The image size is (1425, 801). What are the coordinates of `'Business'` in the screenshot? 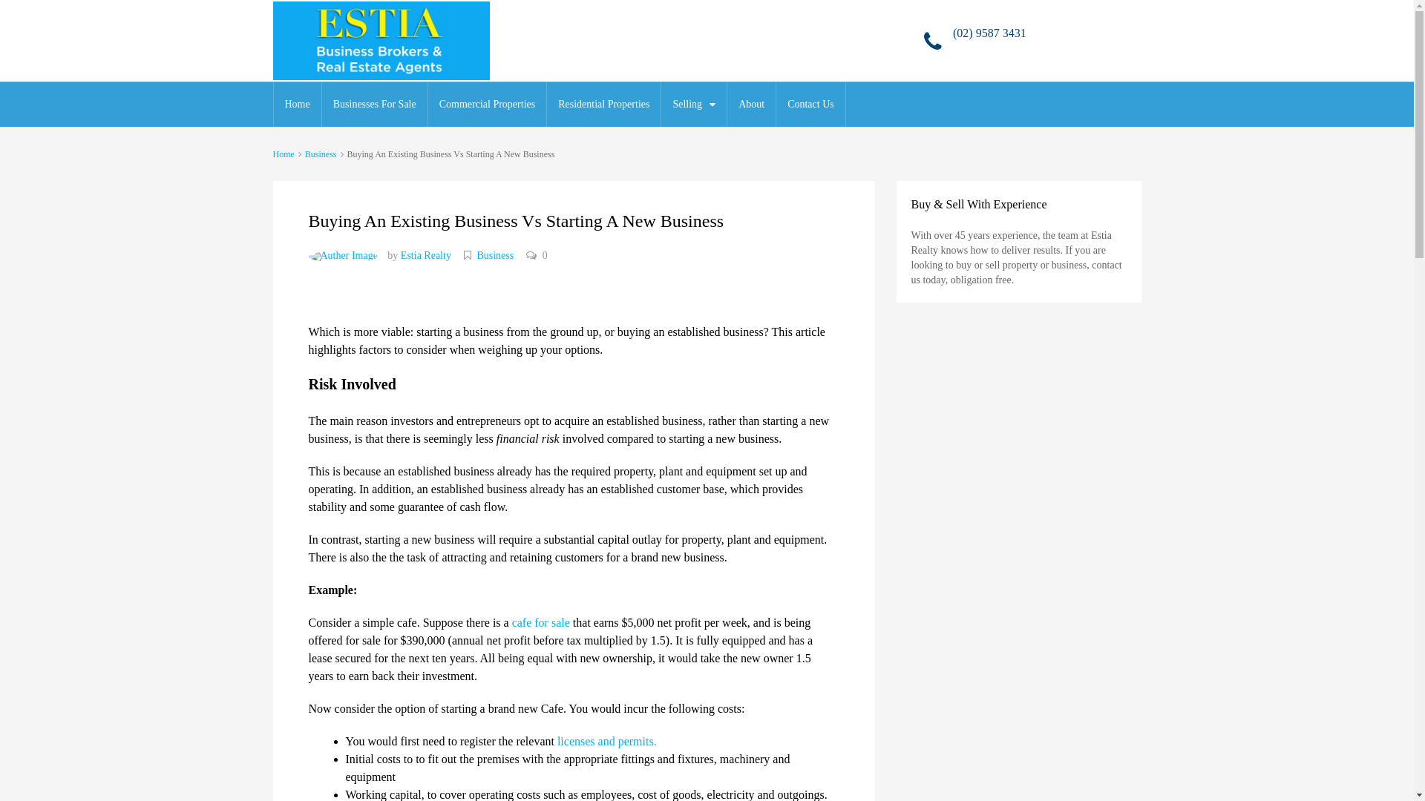 It's located at (320, 154).